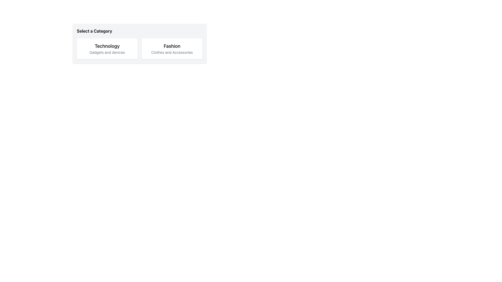 The height and width of the screenshot is (282, 502). Describe the element at coordinates (94, 31) in the screenshot. I see `the text label displaying 'Select a Category', which is a bold font aligned at the top of the content section, centered horizontally above the category cards` at that location.